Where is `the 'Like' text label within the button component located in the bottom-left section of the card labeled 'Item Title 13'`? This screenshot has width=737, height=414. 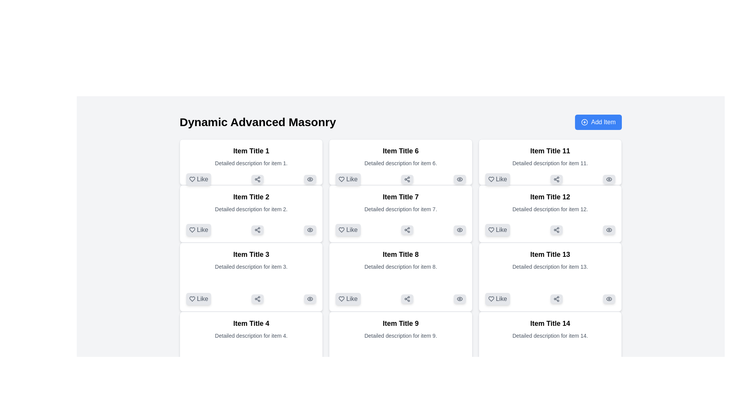 the 'Like' text label within the button component located in the bottom-left section of the card labeled 'Item Title 13' is located at coordinates (501, 298).